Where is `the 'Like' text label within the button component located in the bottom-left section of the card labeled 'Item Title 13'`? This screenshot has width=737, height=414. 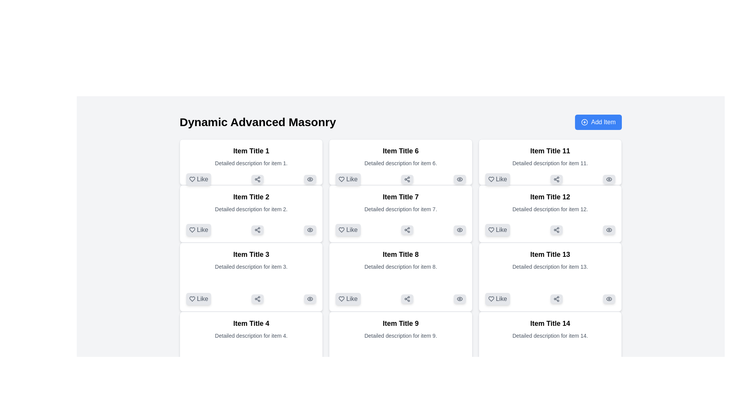 the 'Like' text label within the button component located in the bottom-left section of the card labeled 'Item Title 13' is located at coordinates (501, 298).